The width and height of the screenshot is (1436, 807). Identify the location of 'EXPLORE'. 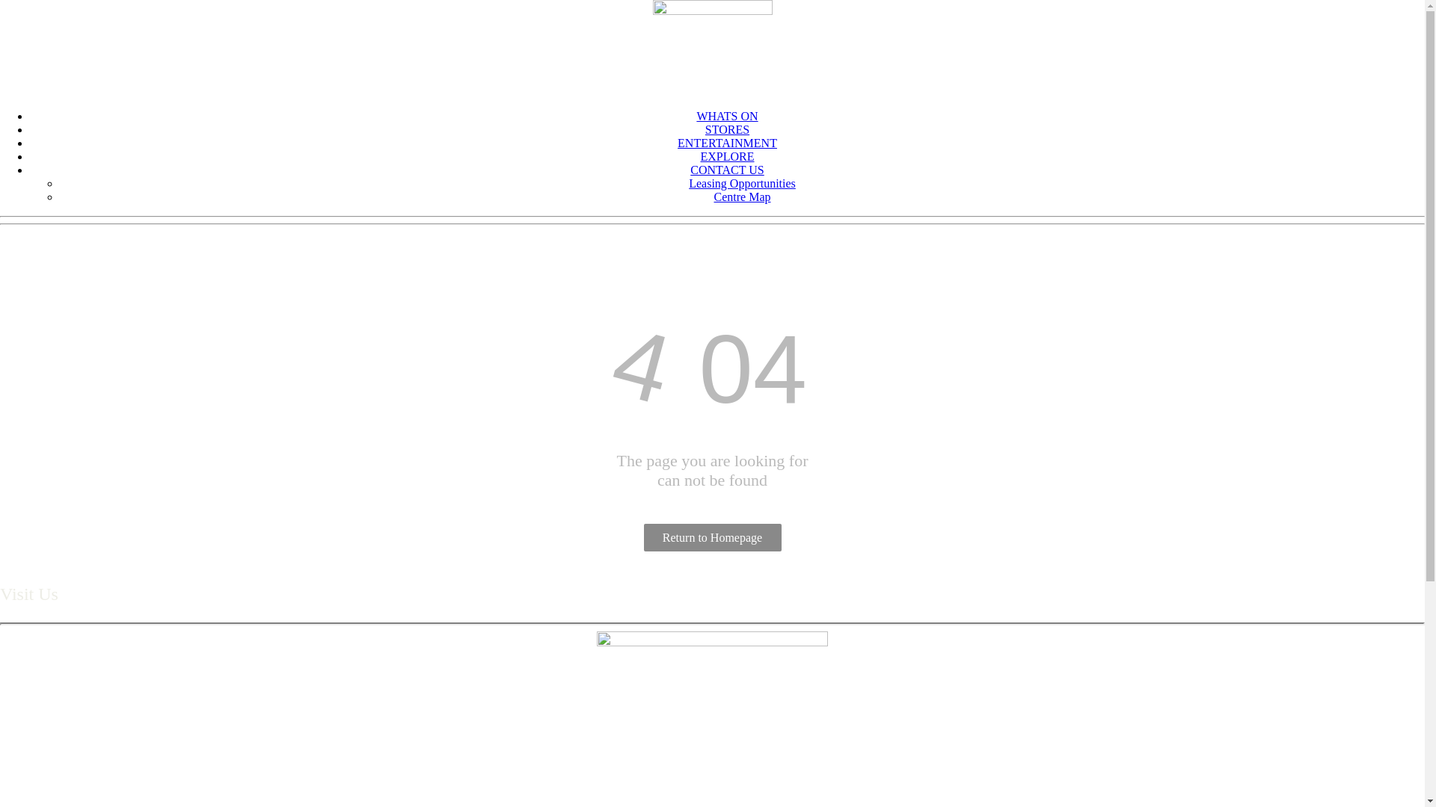
(726, 156).